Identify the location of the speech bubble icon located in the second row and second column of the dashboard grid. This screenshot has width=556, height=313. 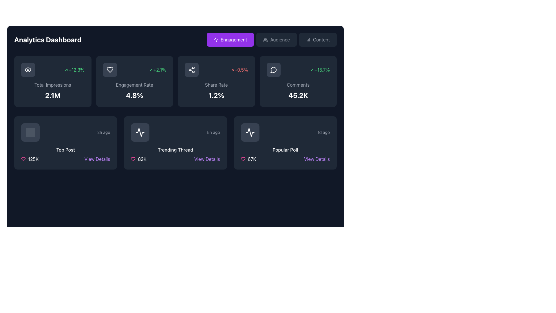
(273, 69).